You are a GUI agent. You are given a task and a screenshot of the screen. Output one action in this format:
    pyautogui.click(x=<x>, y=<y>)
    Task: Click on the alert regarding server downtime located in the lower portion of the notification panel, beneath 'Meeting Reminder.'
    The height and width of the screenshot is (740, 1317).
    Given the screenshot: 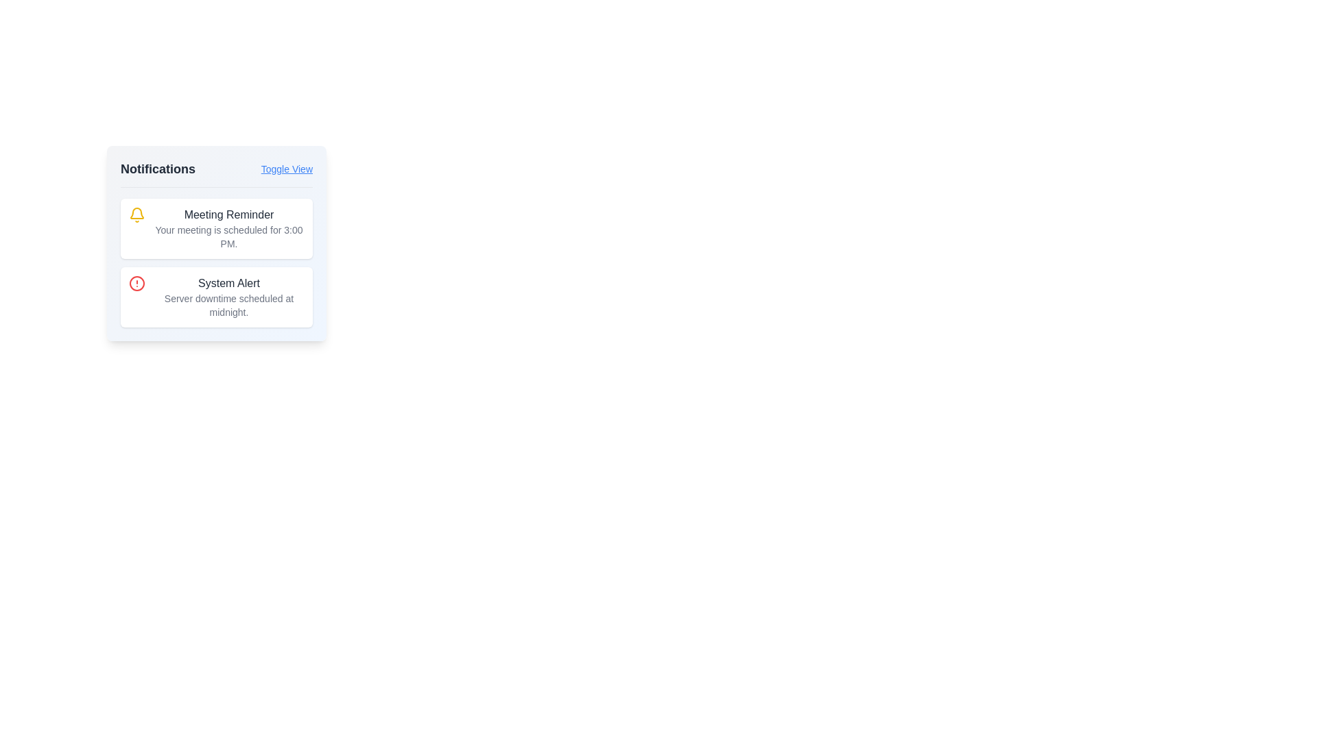 What is the action you would take?
    pyautogui.click(x=229, y=297)
    